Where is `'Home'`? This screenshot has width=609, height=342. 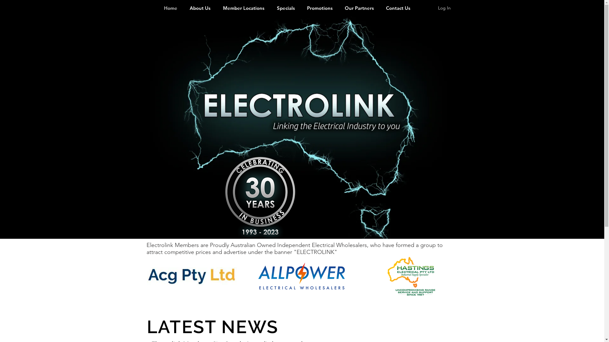
'Home' is located at coordinates (171, 8).